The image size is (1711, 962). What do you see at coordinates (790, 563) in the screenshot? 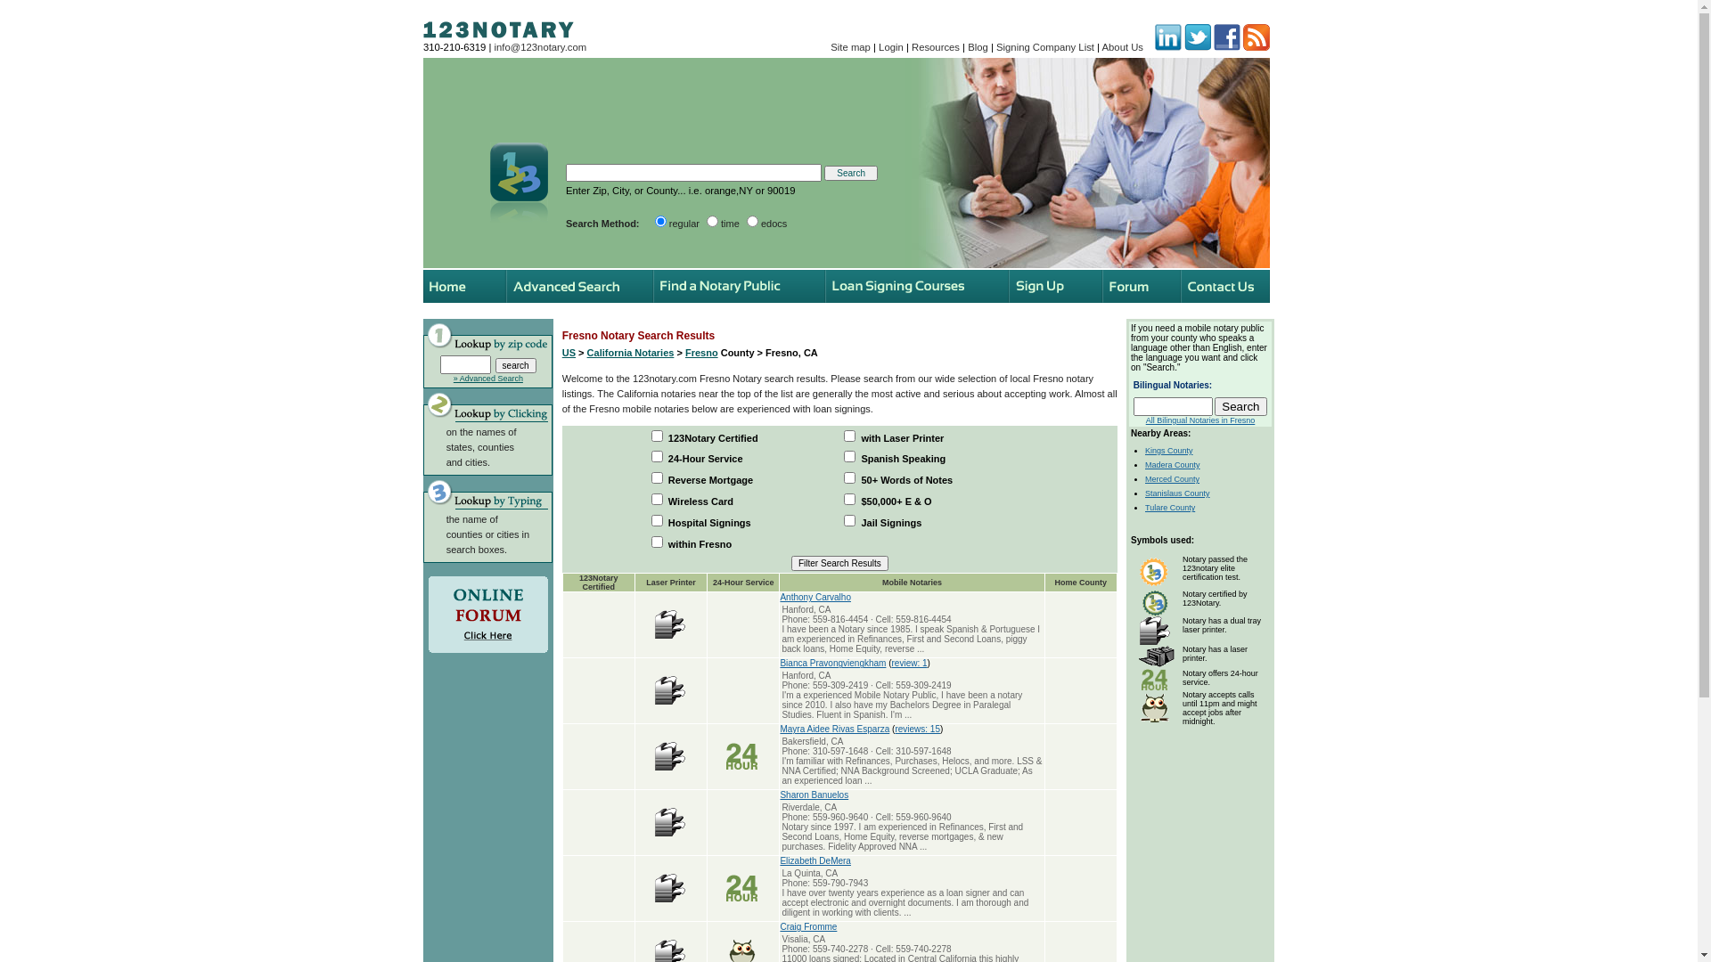
I see `'Filter Search Results'` at bounding box center [790, 563].